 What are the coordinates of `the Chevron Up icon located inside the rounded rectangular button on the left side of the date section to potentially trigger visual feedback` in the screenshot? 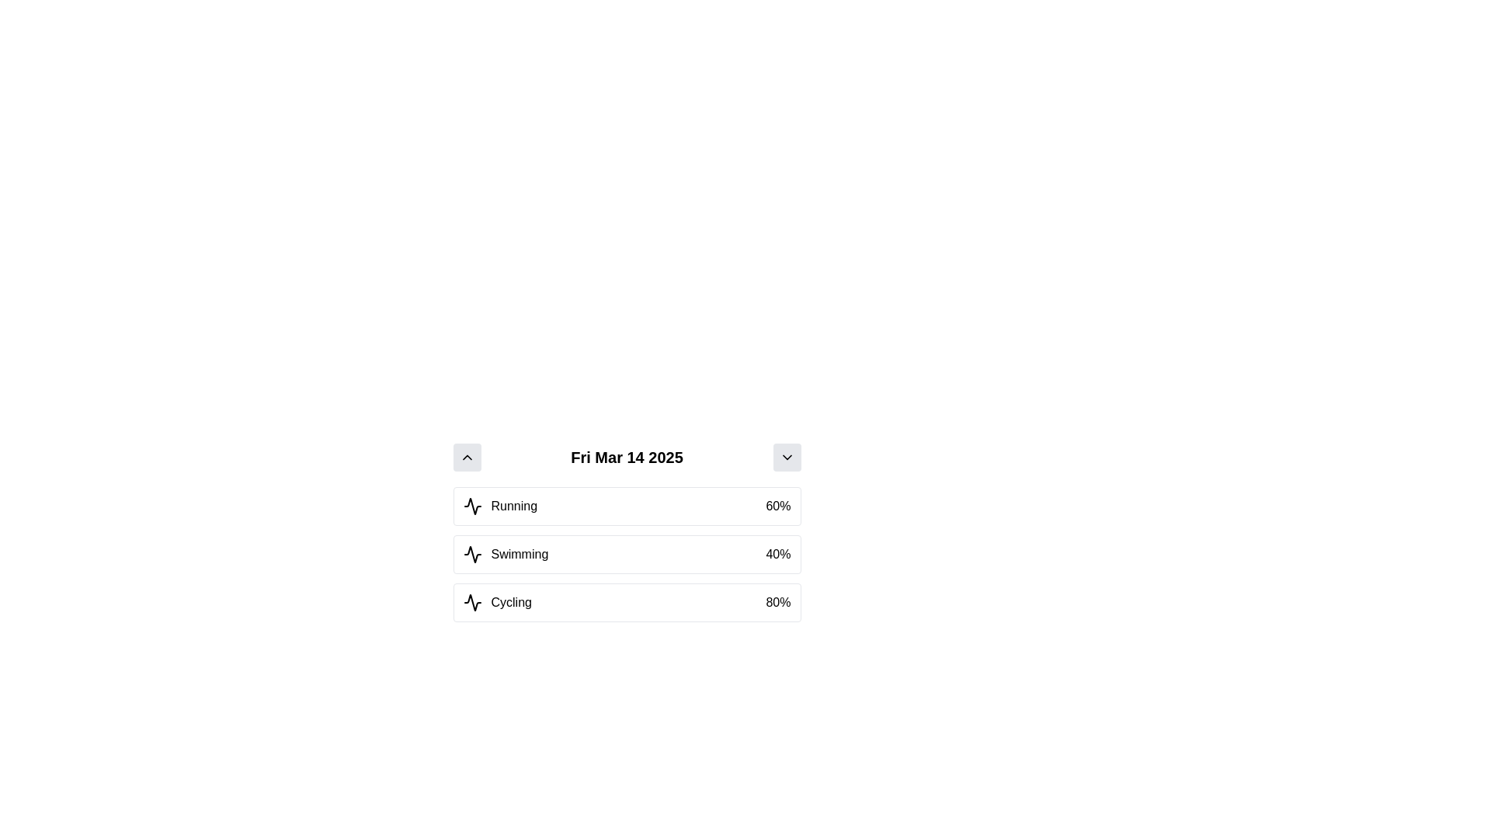 It's located at (466, 457).